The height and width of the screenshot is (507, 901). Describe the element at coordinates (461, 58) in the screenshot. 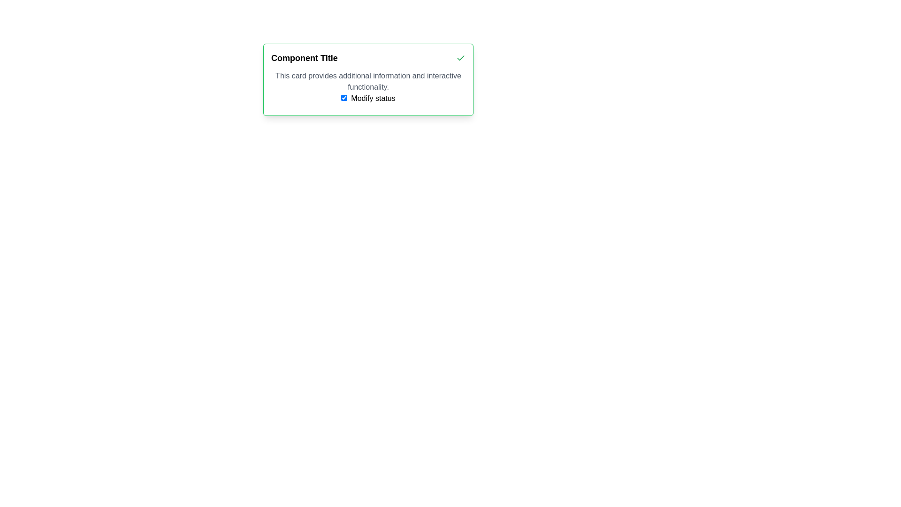

I see `the checkmark icon located in the top-right corner of the card interface, which indicates a completed action or confirmation` at that location.